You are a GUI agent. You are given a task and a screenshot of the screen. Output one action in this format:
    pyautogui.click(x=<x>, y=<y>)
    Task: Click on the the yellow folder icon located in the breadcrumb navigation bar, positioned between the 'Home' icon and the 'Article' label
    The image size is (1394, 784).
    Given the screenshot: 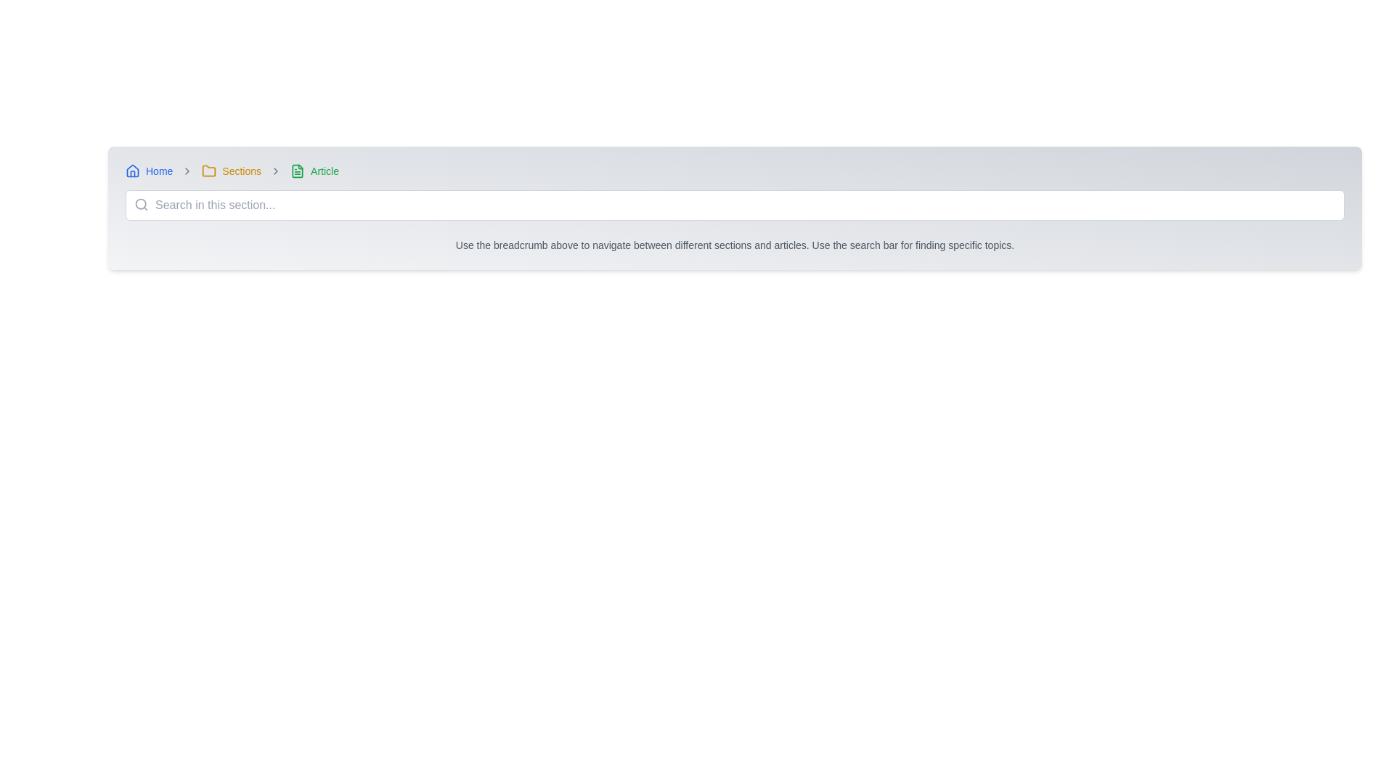 What is the action you would take?
    pyautogui.click(x=208, y=170)
    